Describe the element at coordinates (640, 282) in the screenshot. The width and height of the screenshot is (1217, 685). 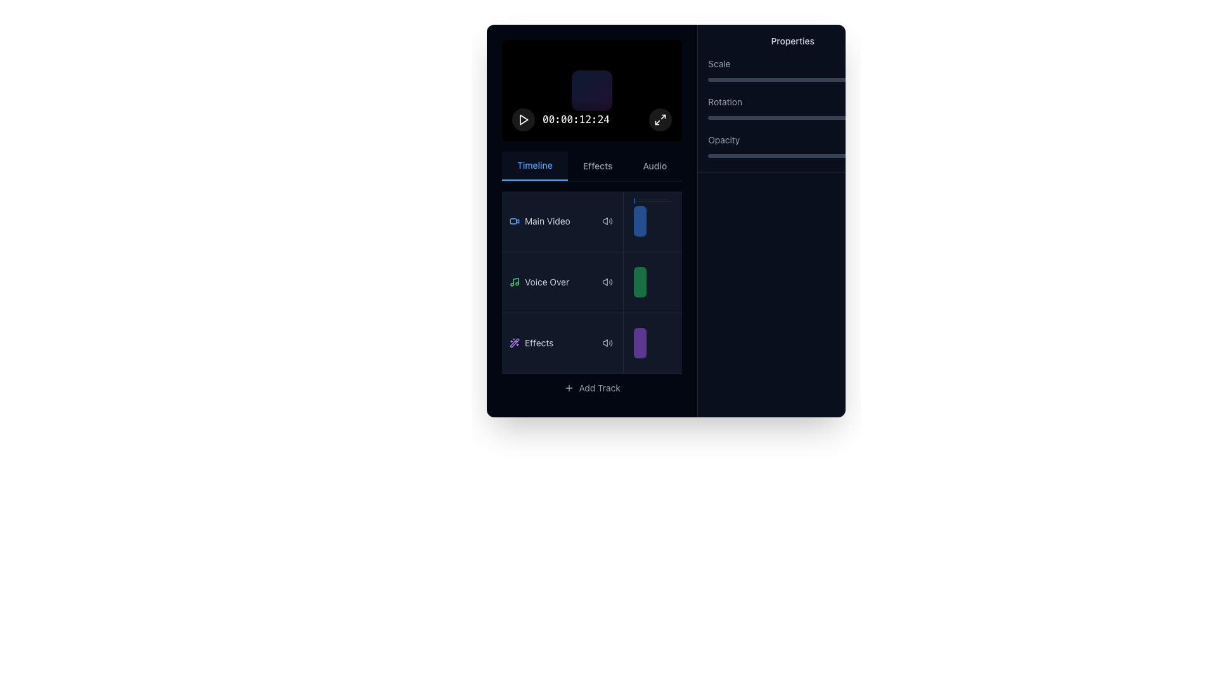
I see `the move or manipulation icon located in the 'Voice Over' section of the timeline interface, which is represented as a vector graphic with circular edges and a semi-transparent green background` at that location.